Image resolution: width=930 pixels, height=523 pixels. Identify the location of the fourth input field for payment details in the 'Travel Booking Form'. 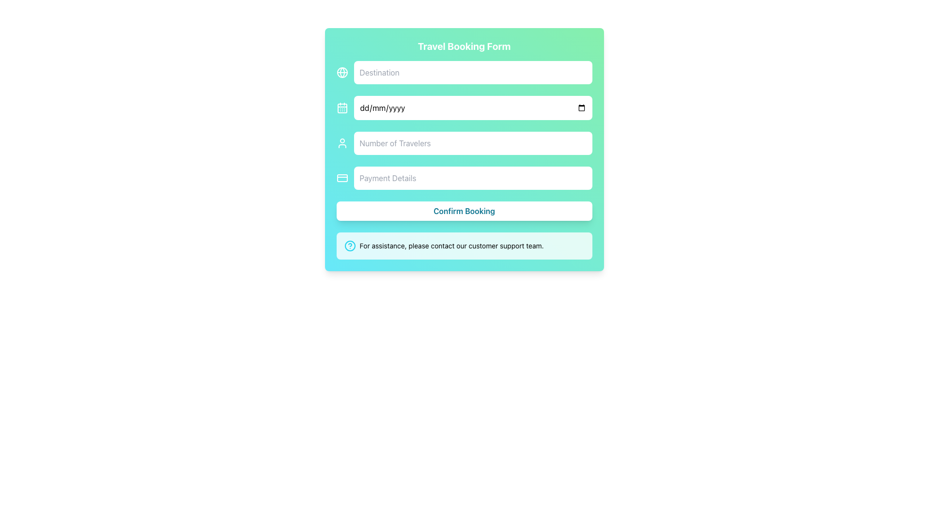
(473, 178).